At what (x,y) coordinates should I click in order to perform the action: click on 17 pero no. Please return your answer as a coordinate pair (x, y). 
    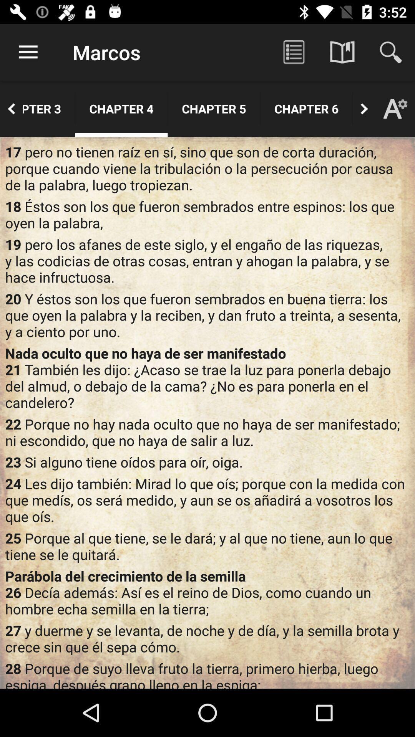
    Looking at the image, I should click on (207, 168).